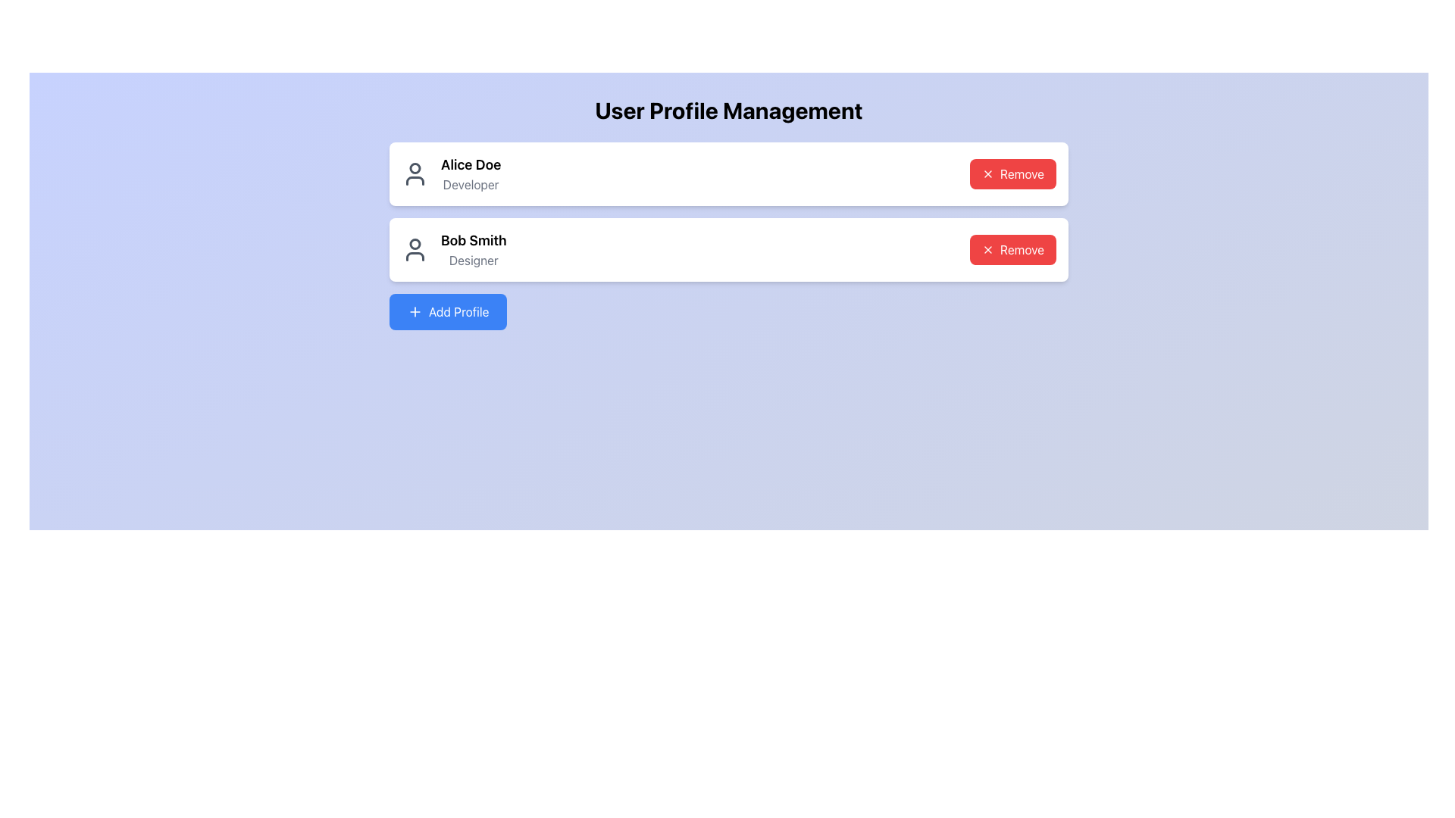 Image resolution: width=1455 pixels, height=818 pixels. What do you see at coordinates (1022, 249) in the screenshot?
I see `the 'Remove' button for the second listed user profile` at bounding box center [1022, 249].